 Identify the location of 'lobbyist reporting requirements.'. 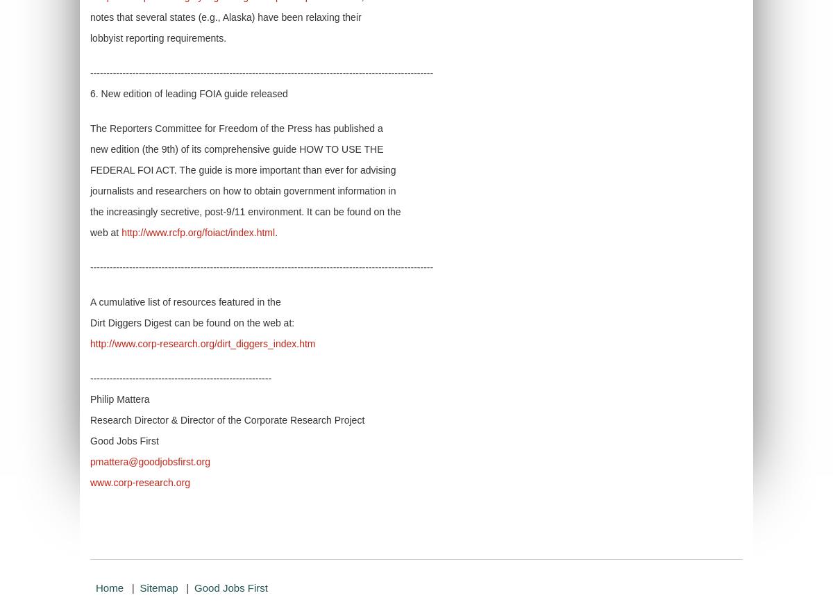
(158, 37).